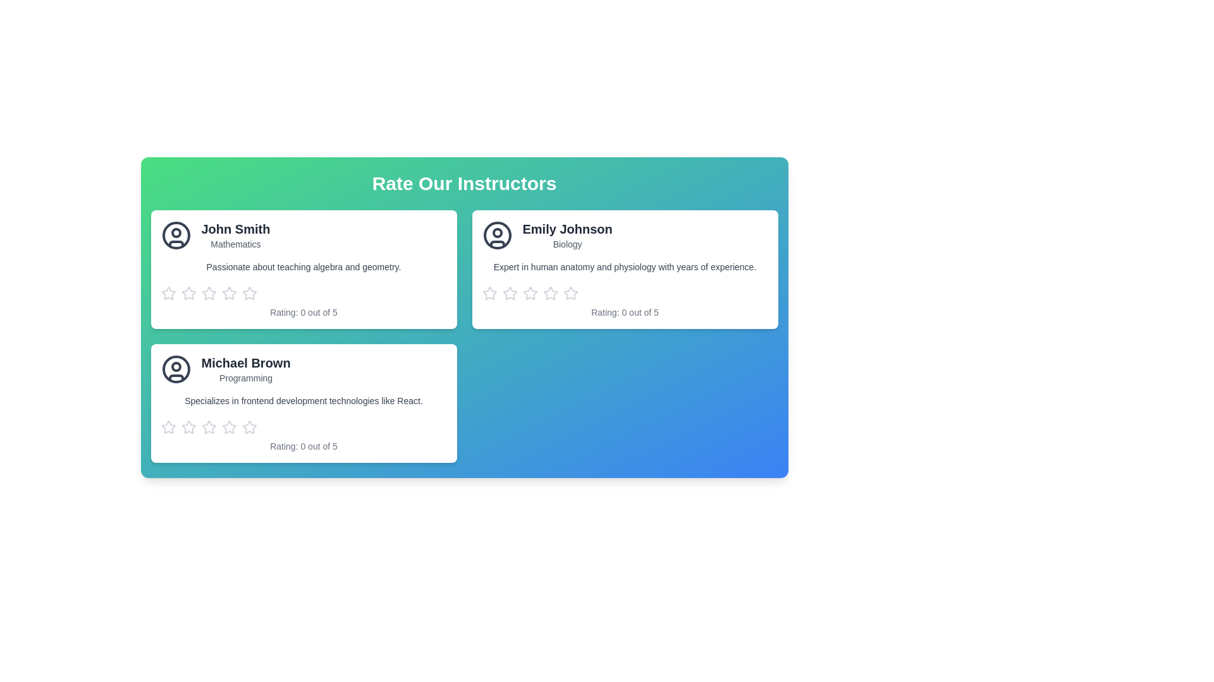  Describe the element at coordinates (625, 294) in the screenshot. I see `the star rating element located within the card of 'Emily Johnson'` at that location.